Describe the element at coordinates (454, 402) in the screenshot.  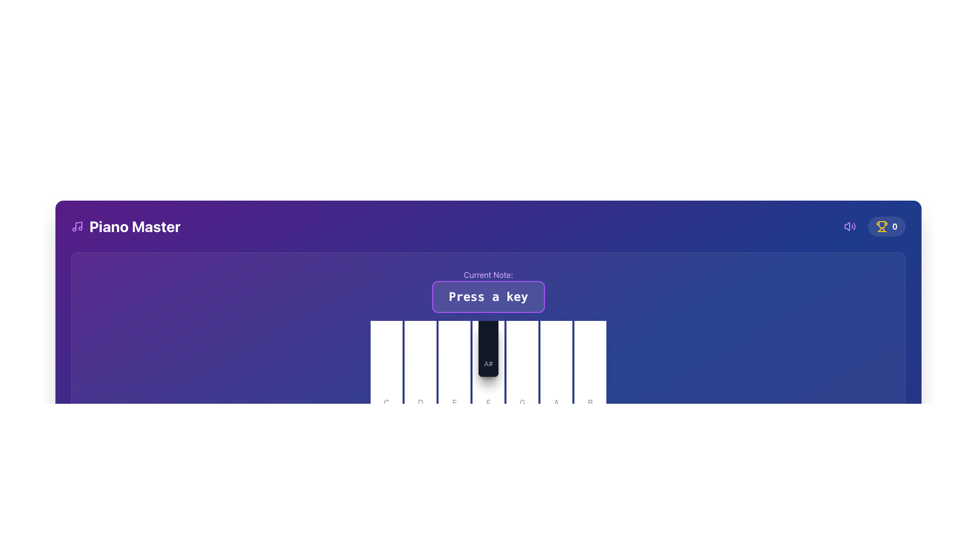
I see `the static text label 'E' which identifies the corresponding piano key in the graphical representation of a musical keyboard` at that location.